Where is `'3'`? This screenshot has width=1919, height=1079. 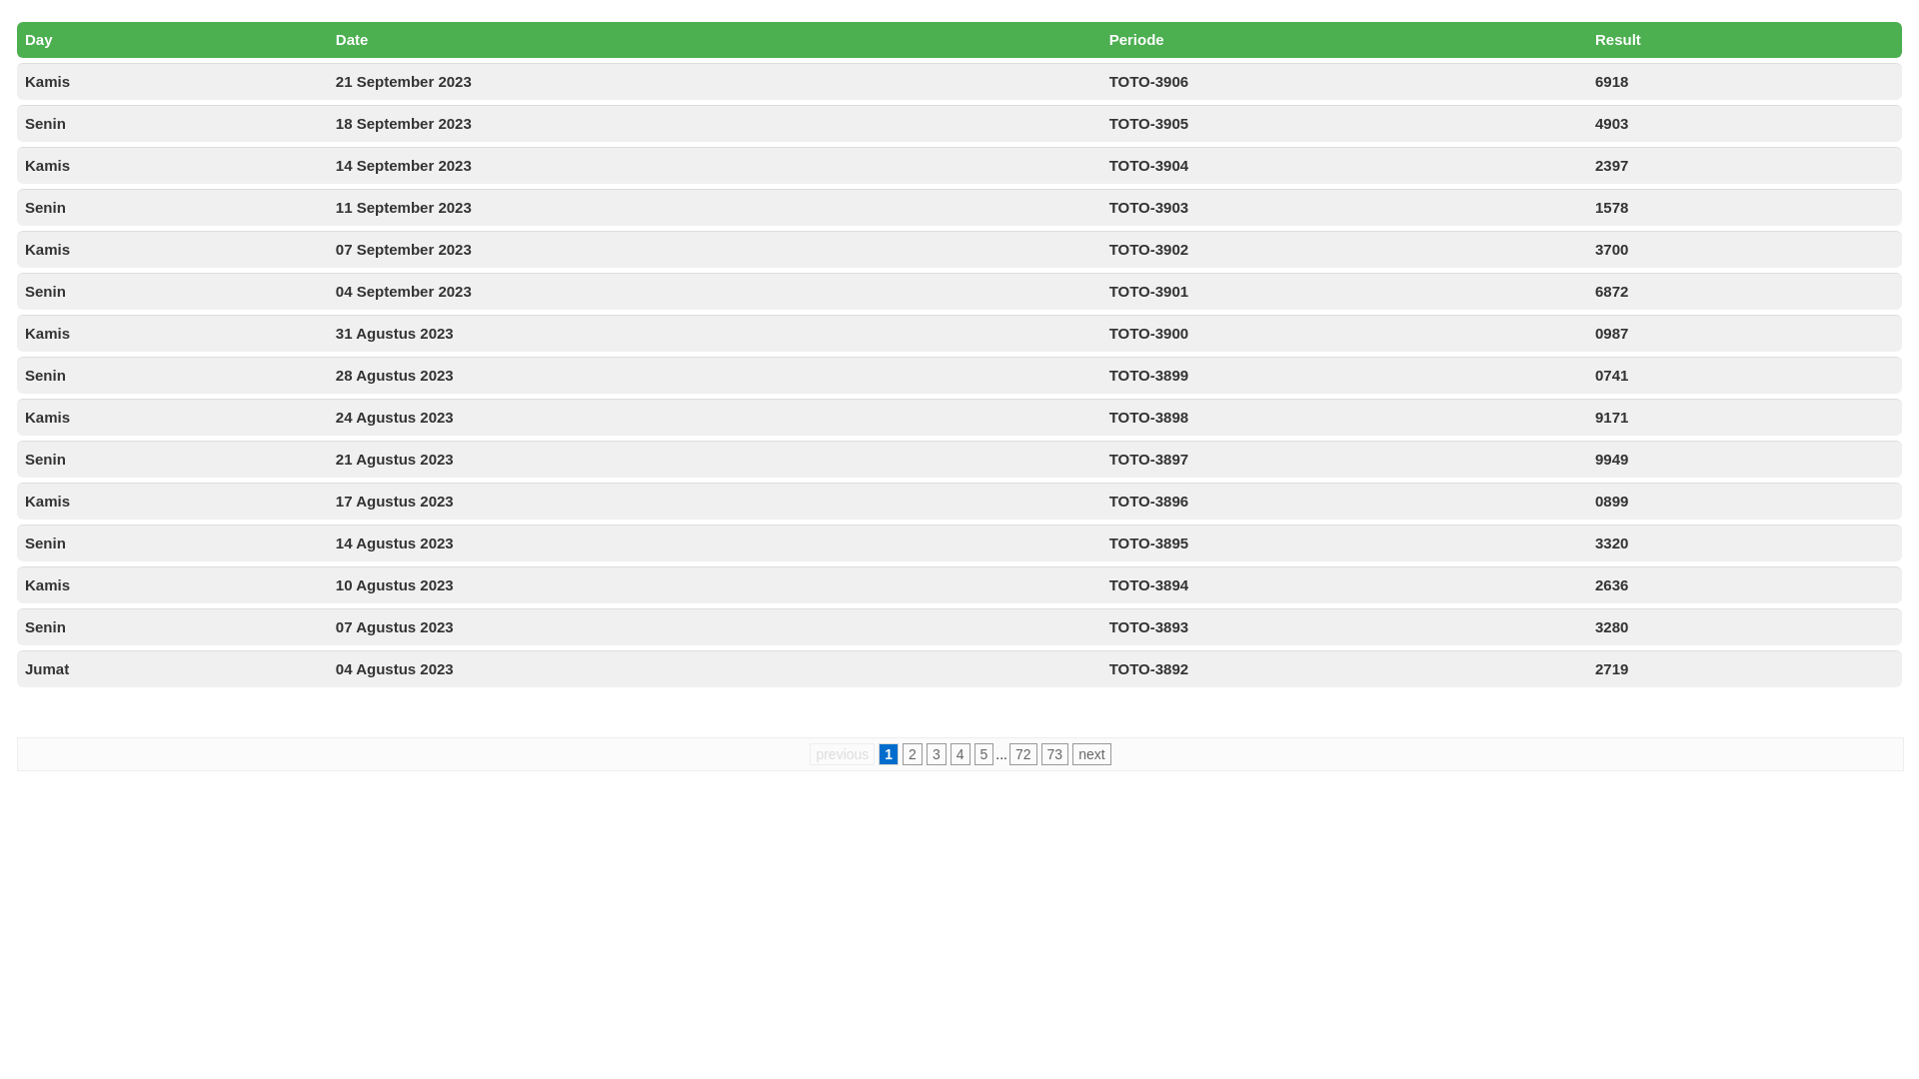
'3' is located at coordinates (935, 754).